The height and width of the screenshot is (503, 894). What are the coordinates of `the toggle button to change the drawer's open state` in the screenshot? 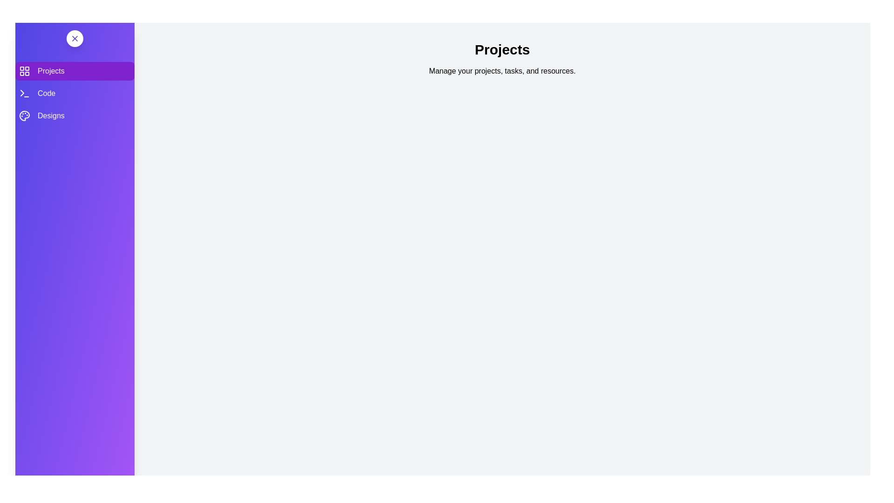 It's located at (75, 38).